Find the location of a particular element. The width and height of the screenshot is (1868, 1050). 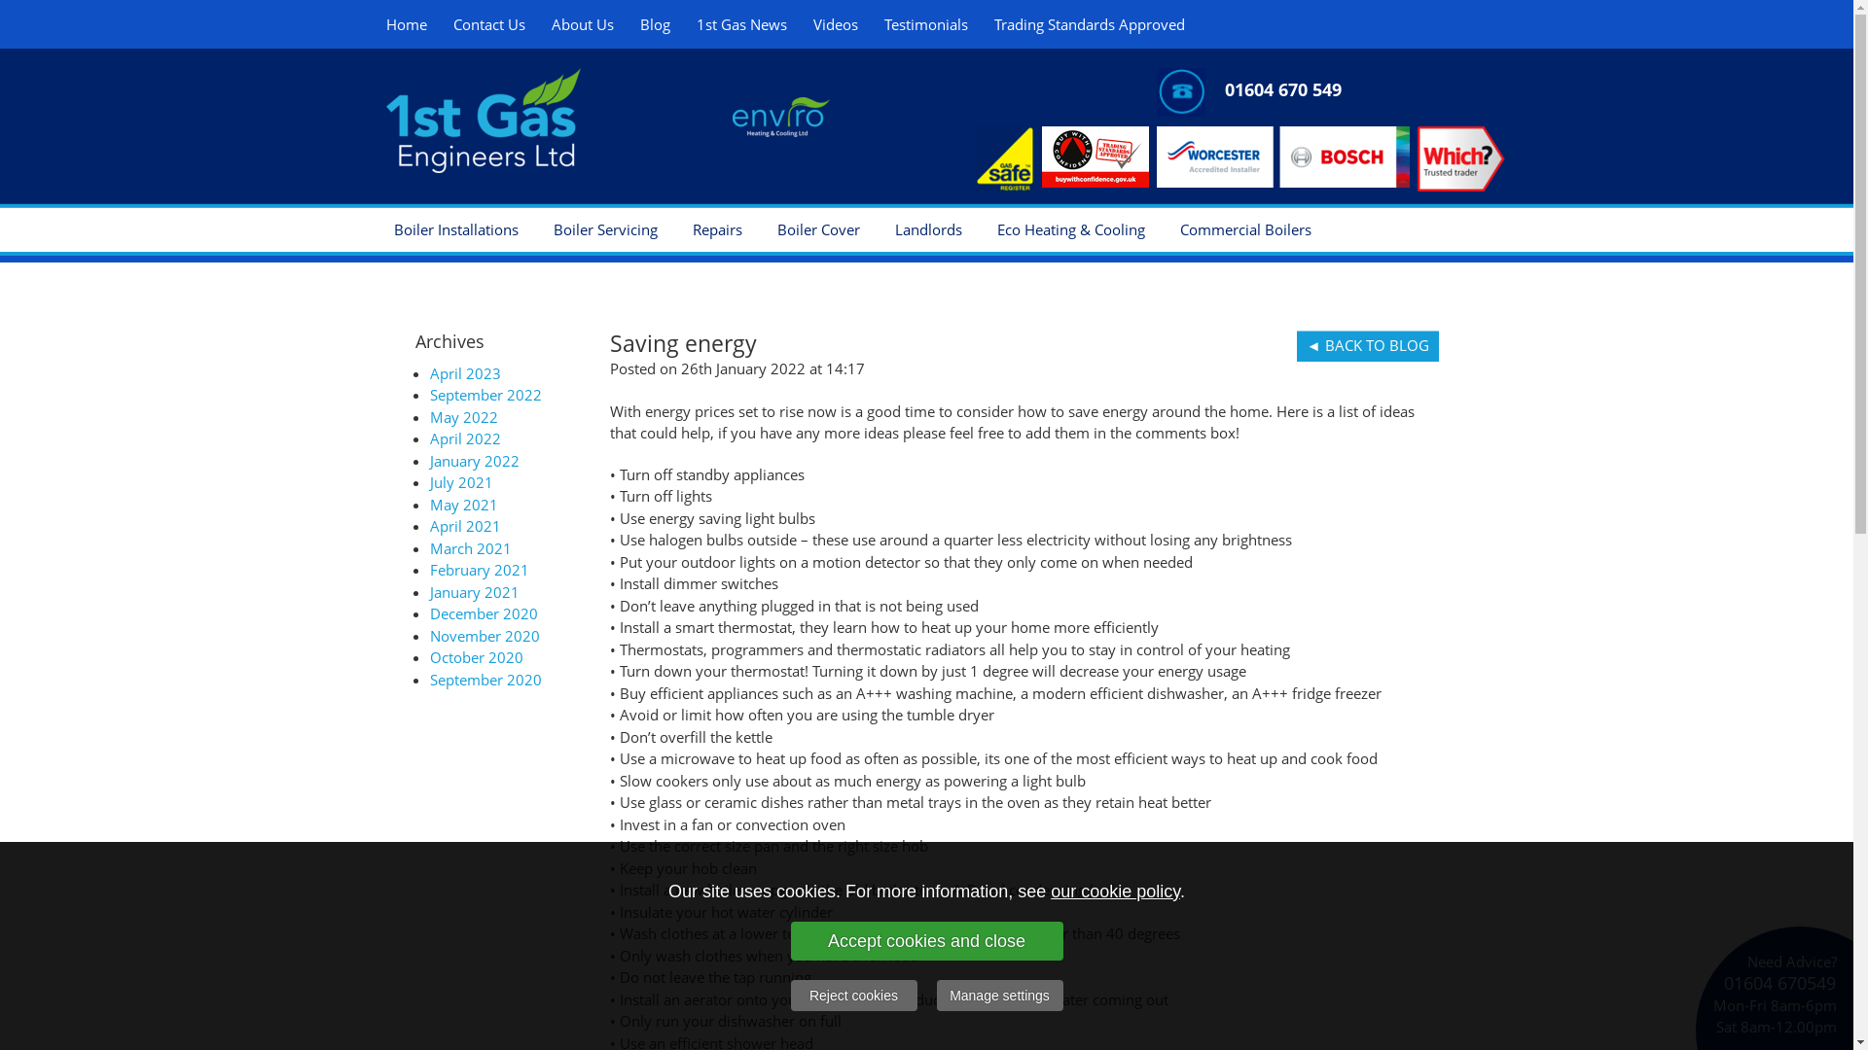

'Eco Heating & Cooling' is located at coordinates (1068, 227).